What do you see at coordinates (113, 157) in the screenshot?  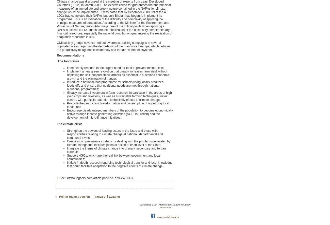 I see `'Support  NGOs, which are the real link between government and local communities;'` at bounding box center [113, 157].